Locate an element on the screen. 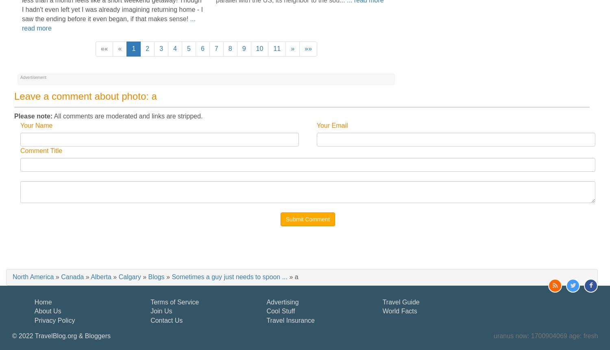  'Sometimes a guy just needs to spoon ...' is located at coordinates (229, 276).